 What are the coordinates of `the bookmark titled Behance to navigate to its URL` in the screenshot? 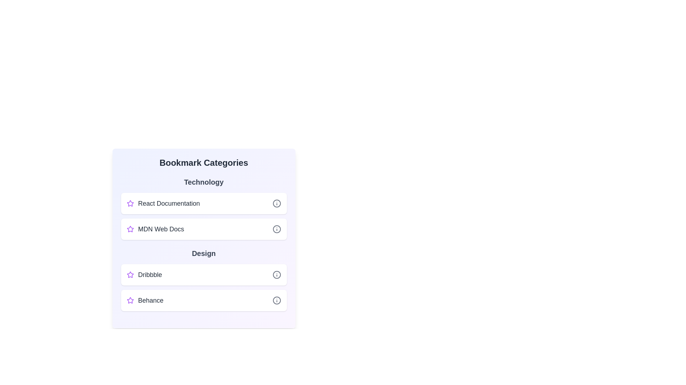 It's located at (150, 301).